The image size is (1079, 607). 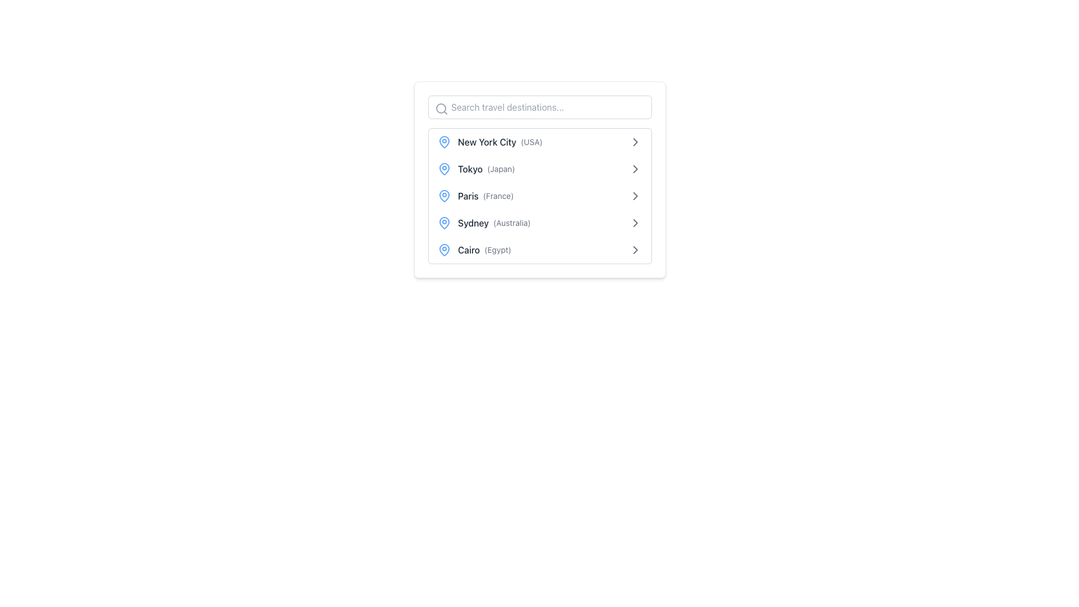 What do you see at coordinates (476, 169) in the screenshot?
I see `the second list item representing the location option for Tokyo, Japan` at bounding box center [476, 169].